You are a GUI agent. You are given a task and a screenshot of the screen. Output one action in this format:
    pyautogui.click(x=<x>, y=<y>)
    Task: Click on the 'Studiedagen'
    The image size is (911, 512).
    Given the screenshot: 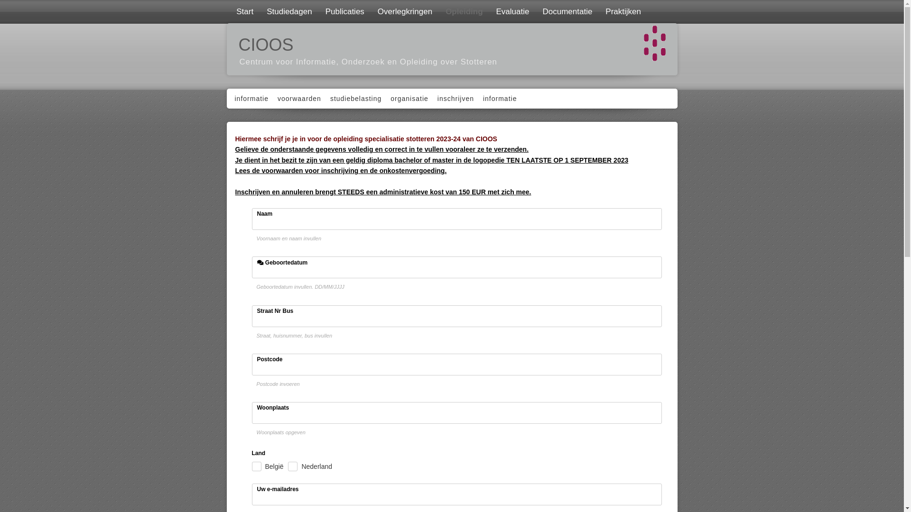 What is the action you would take?
    pyautogui.click(x=288, y=11)
    